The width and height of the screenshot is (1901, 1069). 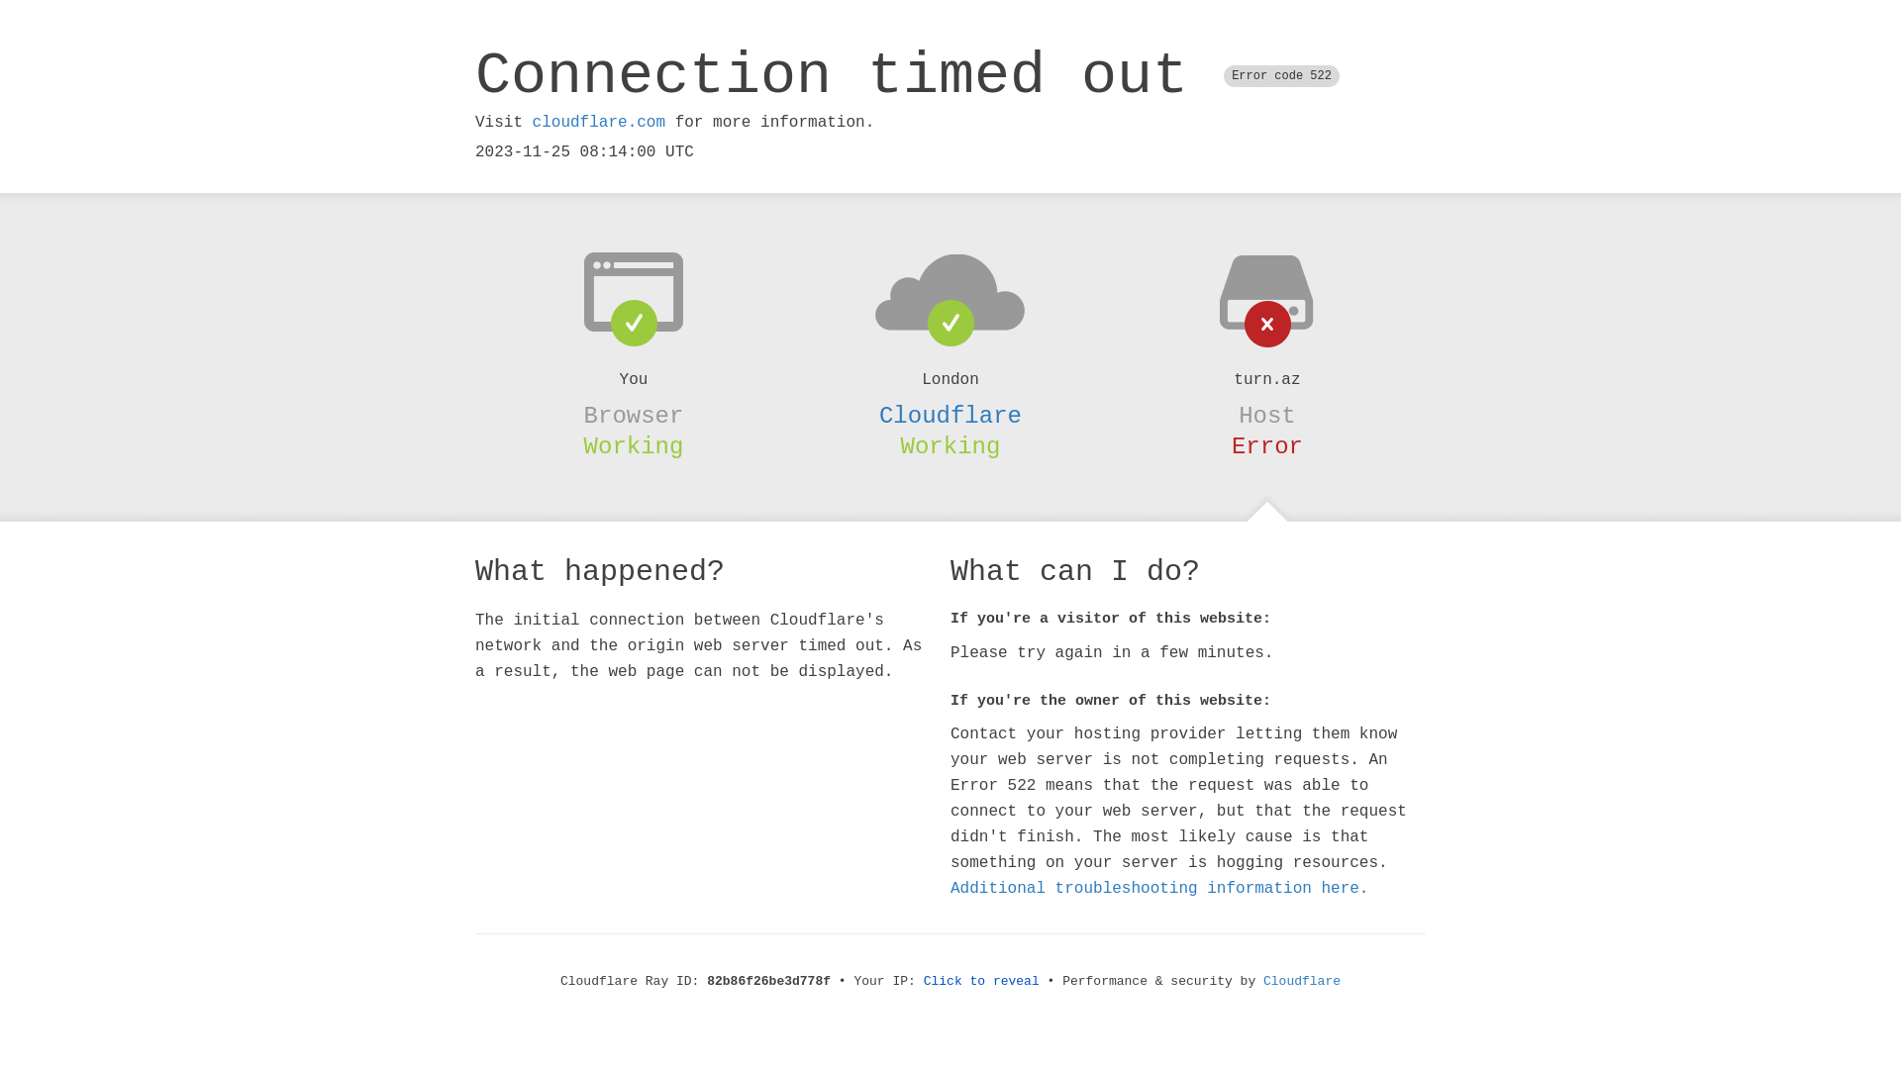 What do you see at coordinates (950, 415) in the screenshot?
I see `'Cloudflare'` at bounding box center [950, 415].